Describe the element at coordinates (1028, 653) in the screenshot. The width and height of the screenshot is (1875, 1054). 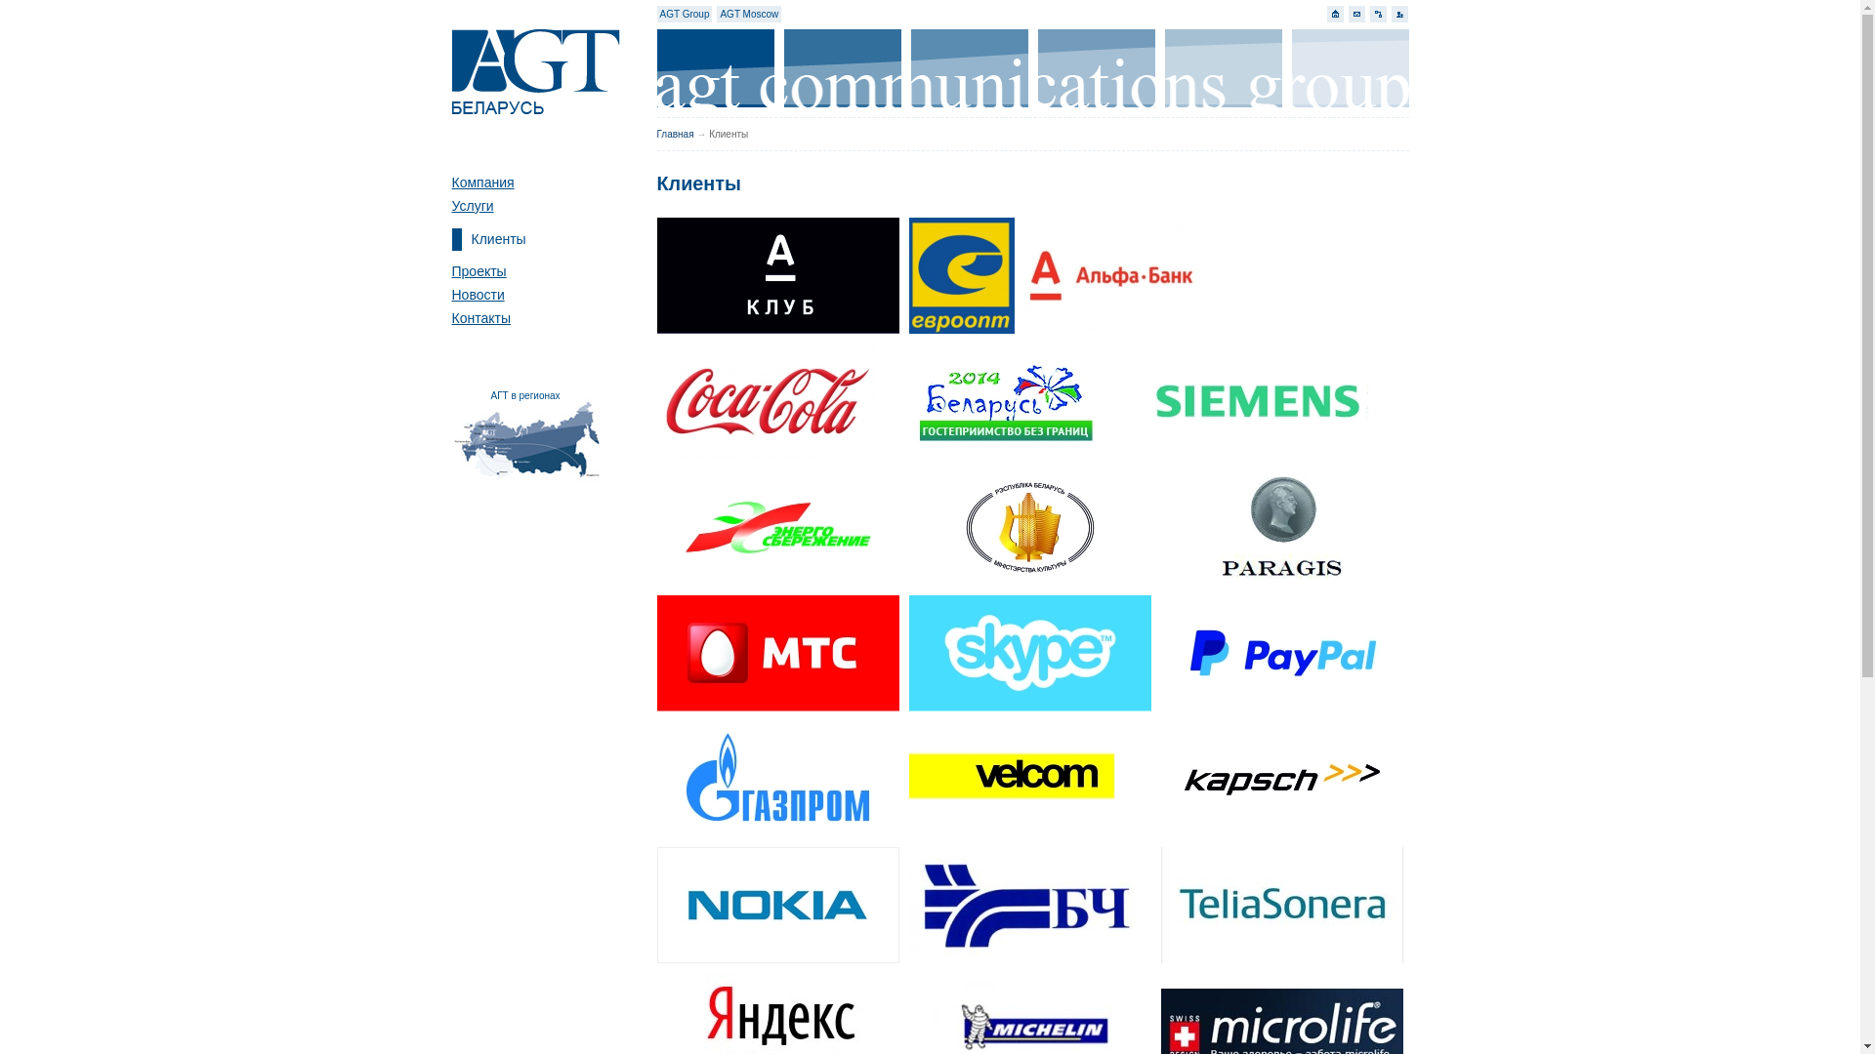
I see `'Skype'` at that location.